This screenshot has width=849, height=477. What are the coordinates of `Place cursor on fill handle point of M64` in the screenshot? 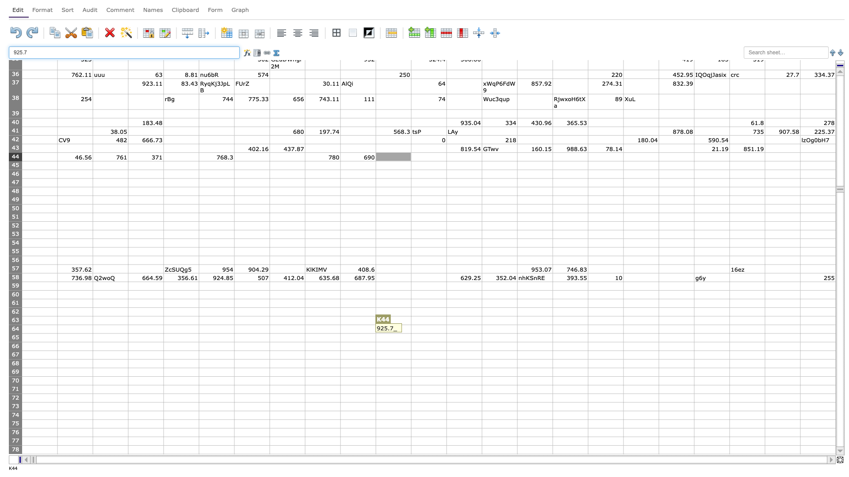 It's located at (481, 333).